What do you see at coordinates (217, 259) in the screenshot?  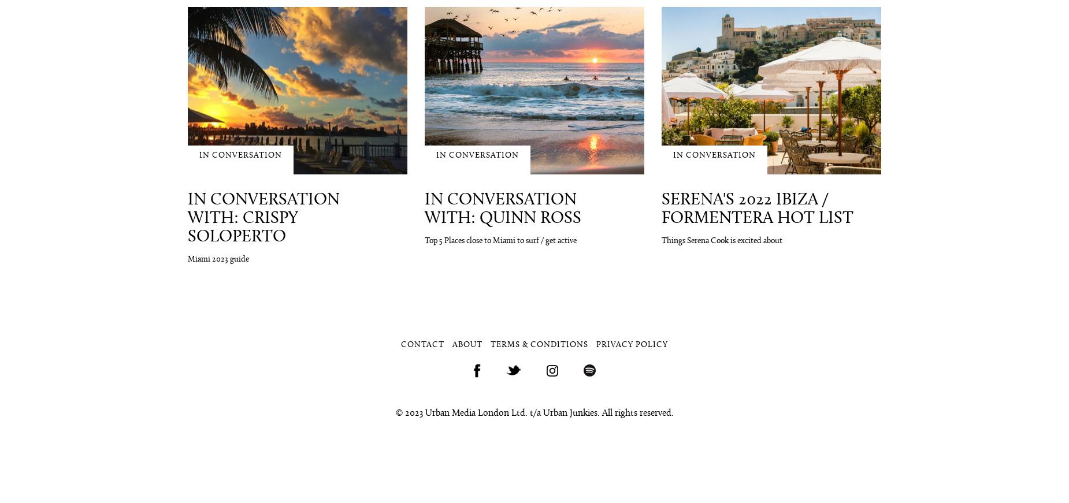 I see `'Miami 2023 guide'` at bounding box center [217, 259].